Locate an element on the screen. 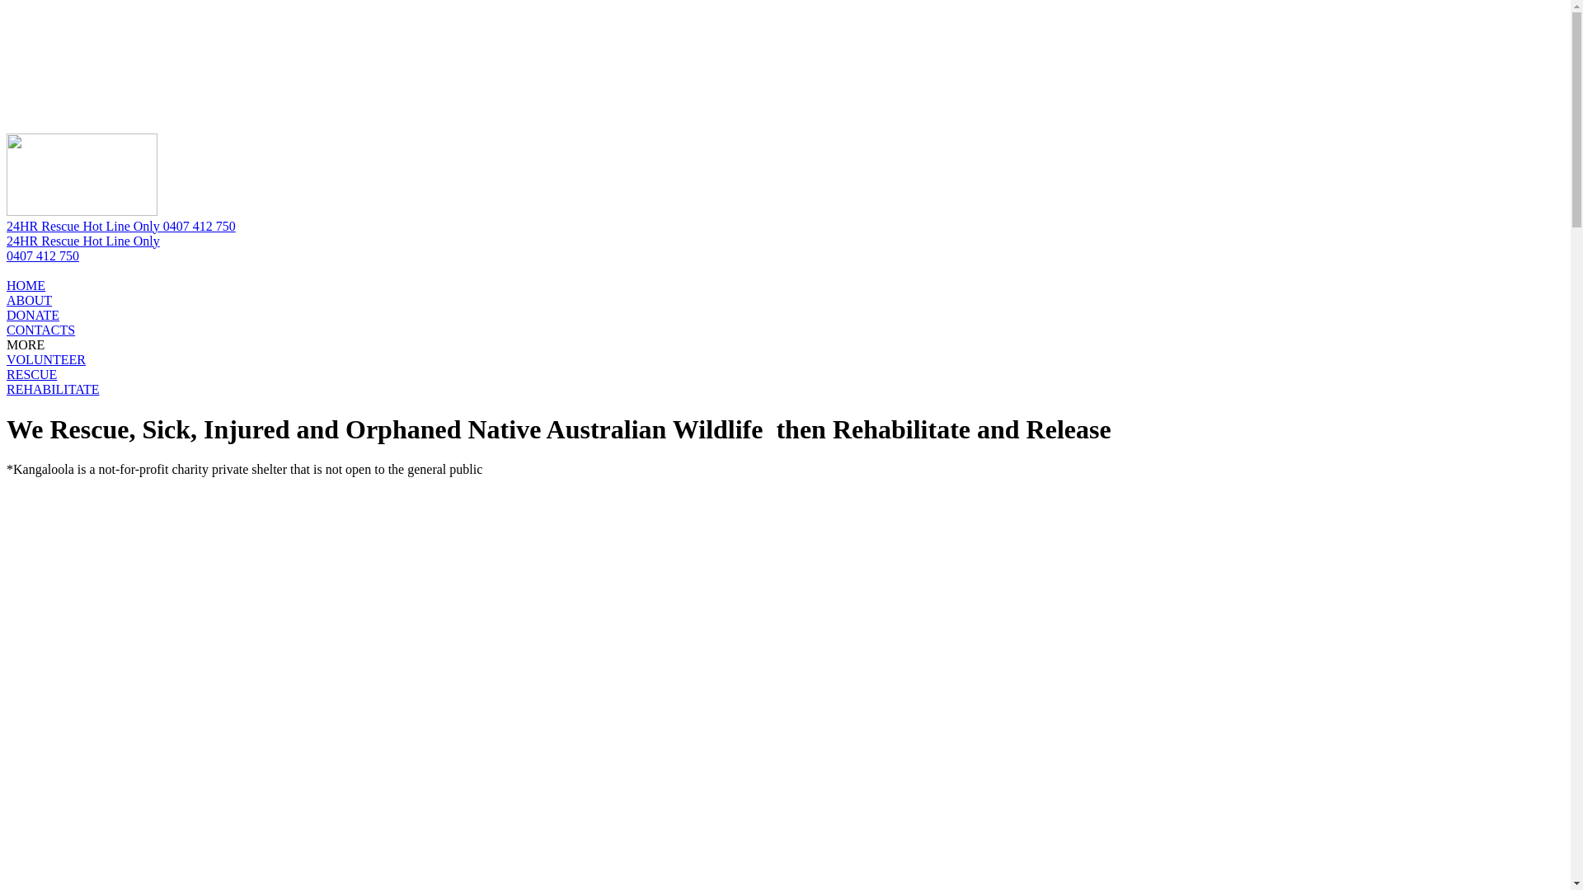 The image size is (1583, 890). '24HR Rescue Hot Line Only is located at coordinates (7, 248).